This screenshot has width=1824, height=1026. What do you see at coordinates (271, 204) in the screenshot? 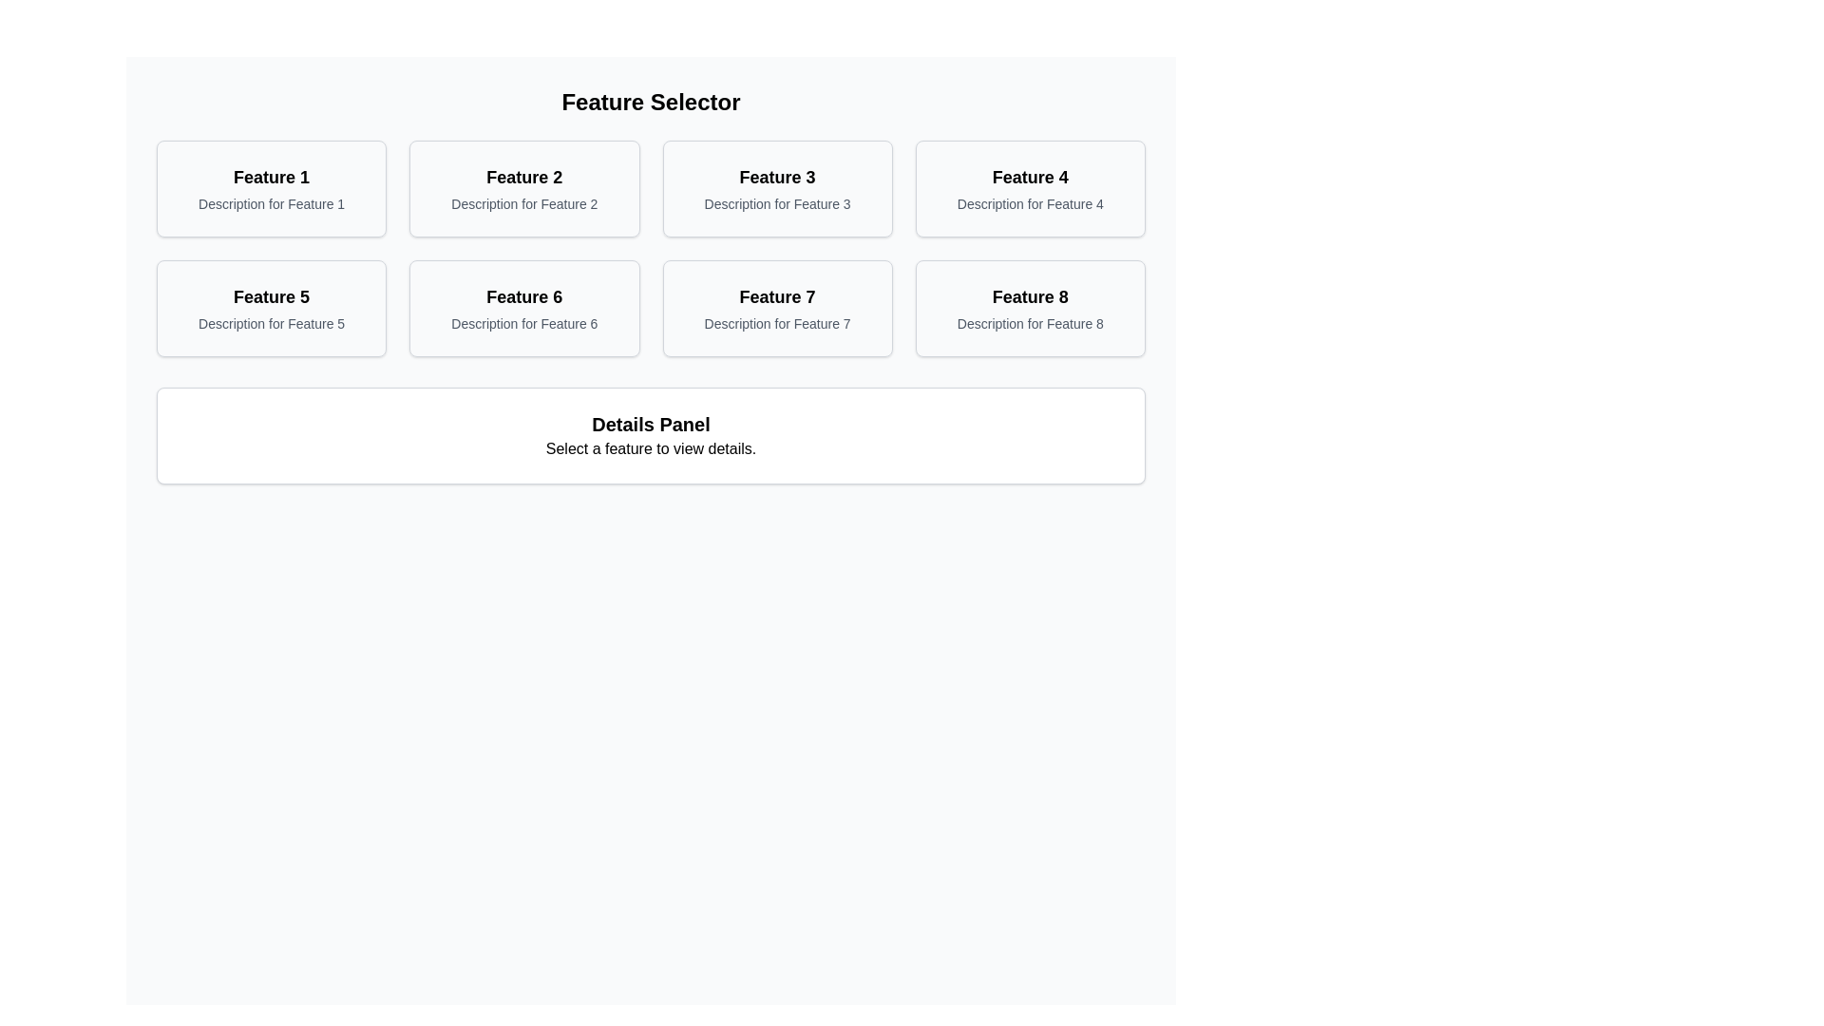
I see `the text label displaying 'Description for Feature 1' located under the header 'Feature 1' in the top-left card of a 2x4 grid` at bounding box center [271, 204].